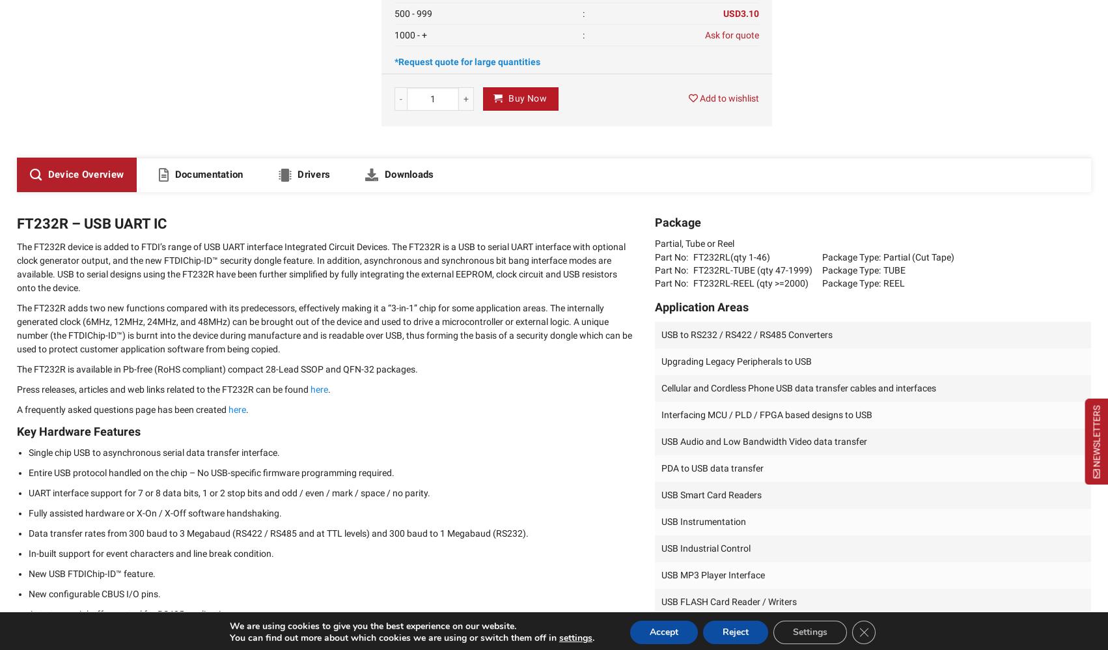 Image resolution: width=1108 pixels, height=650 pixels. Describe the element at coordinates (723, 627) in the screenshot. I see `'Set Top Box PC – USB interface'` at that location.